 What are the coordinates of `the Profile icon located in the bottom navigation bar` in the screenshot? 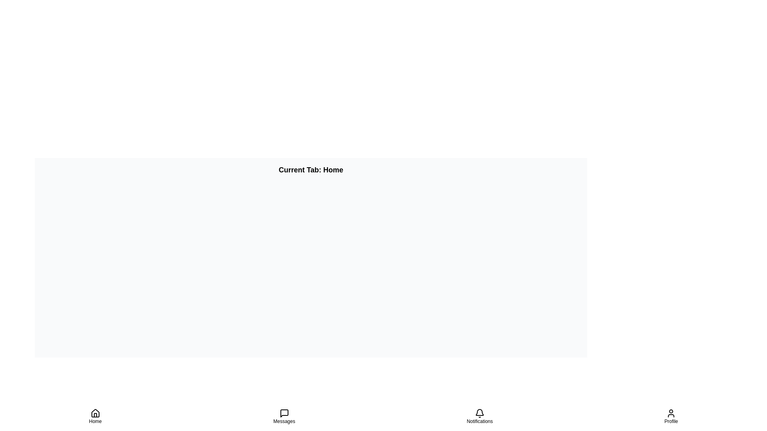 It's located at (671, 413).